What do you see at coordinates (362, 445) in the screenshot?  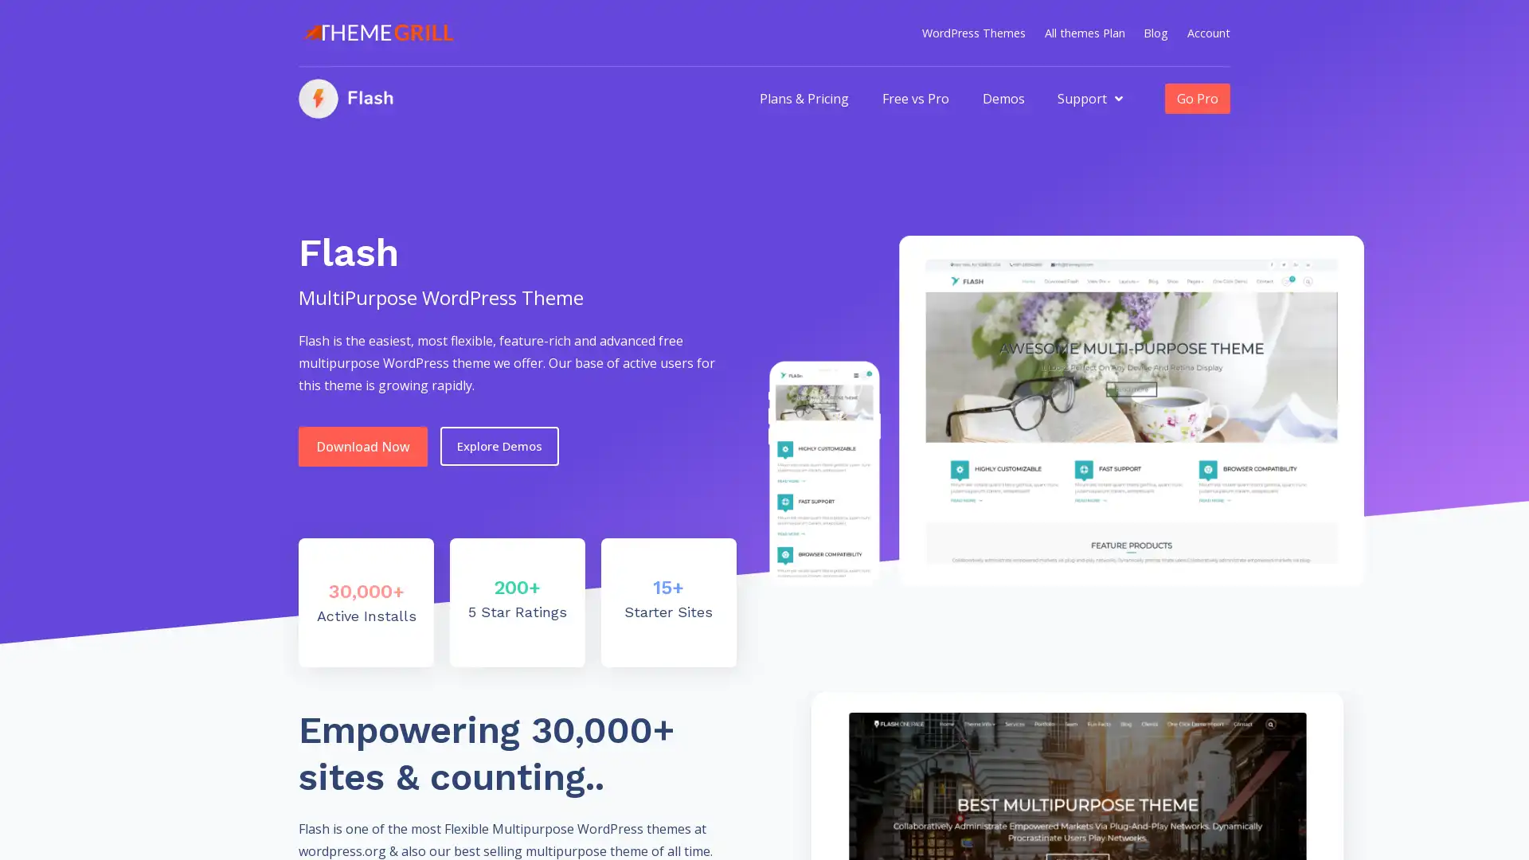 I see `Download Now` at bounding box center [362, 445].